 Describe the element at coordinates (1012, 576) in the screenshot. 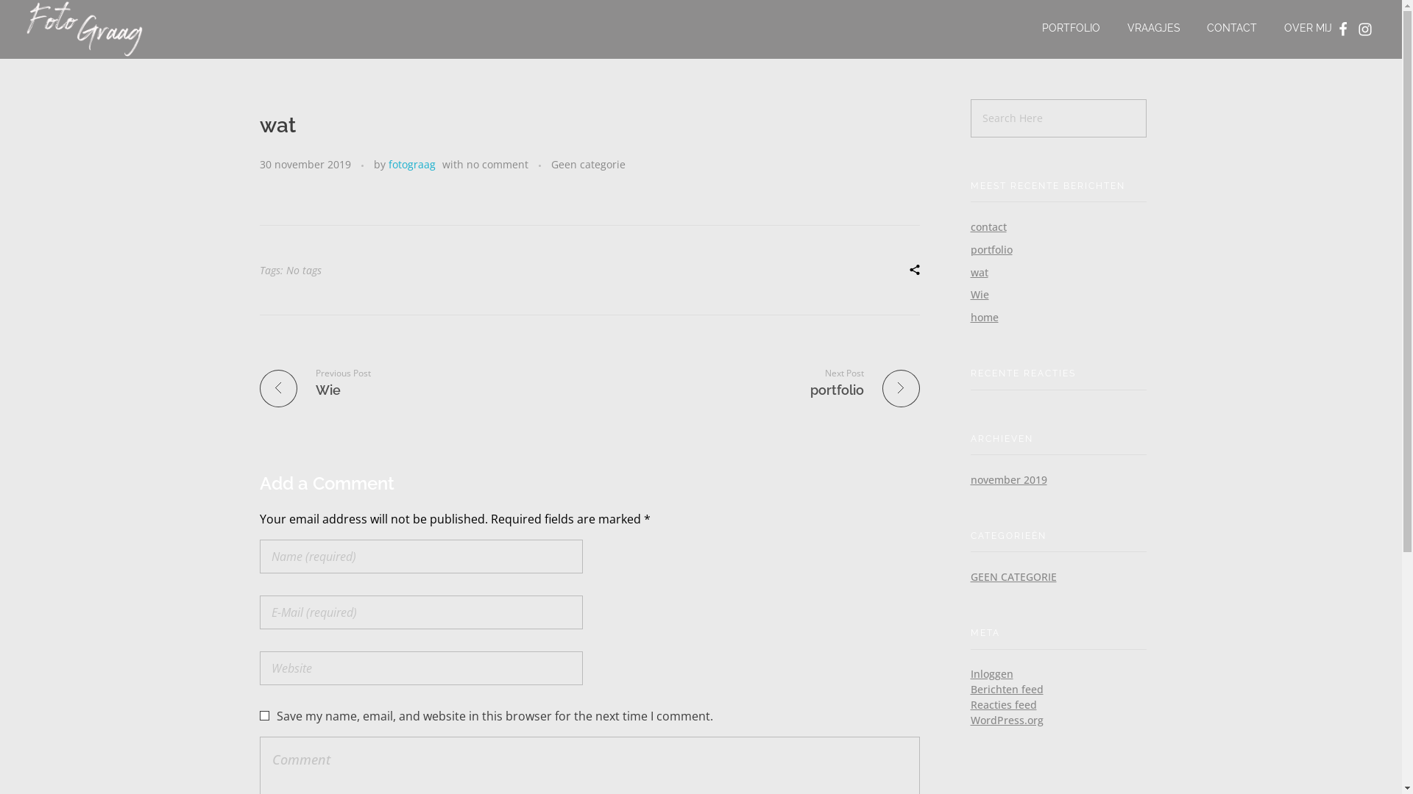

I see `'GEEN CATEGORIE'` at that location.